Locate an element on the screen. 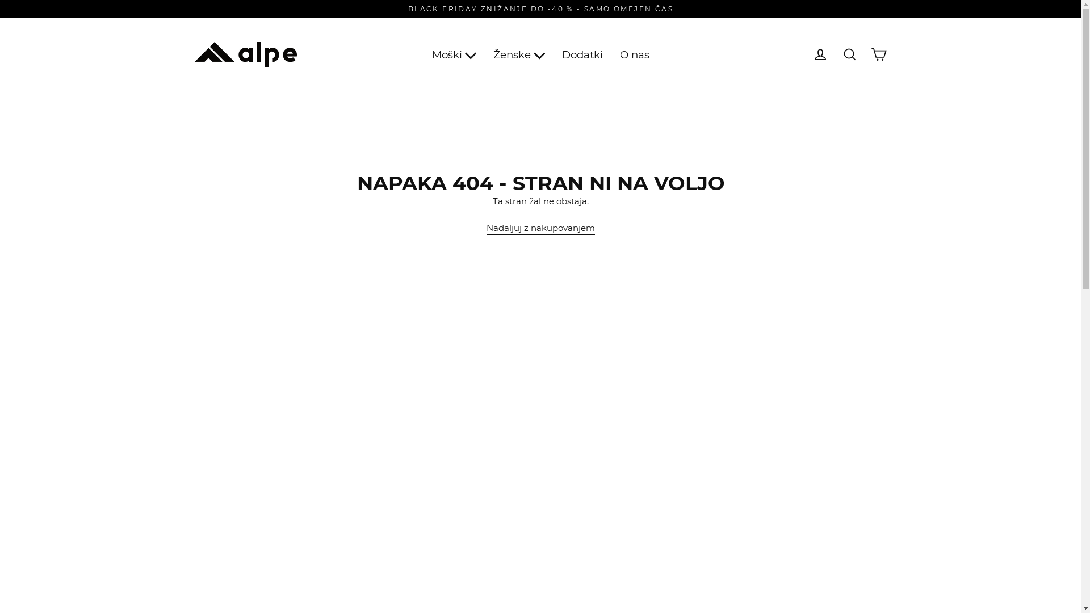  'Iskanje' is located at coordinates (849, 54).